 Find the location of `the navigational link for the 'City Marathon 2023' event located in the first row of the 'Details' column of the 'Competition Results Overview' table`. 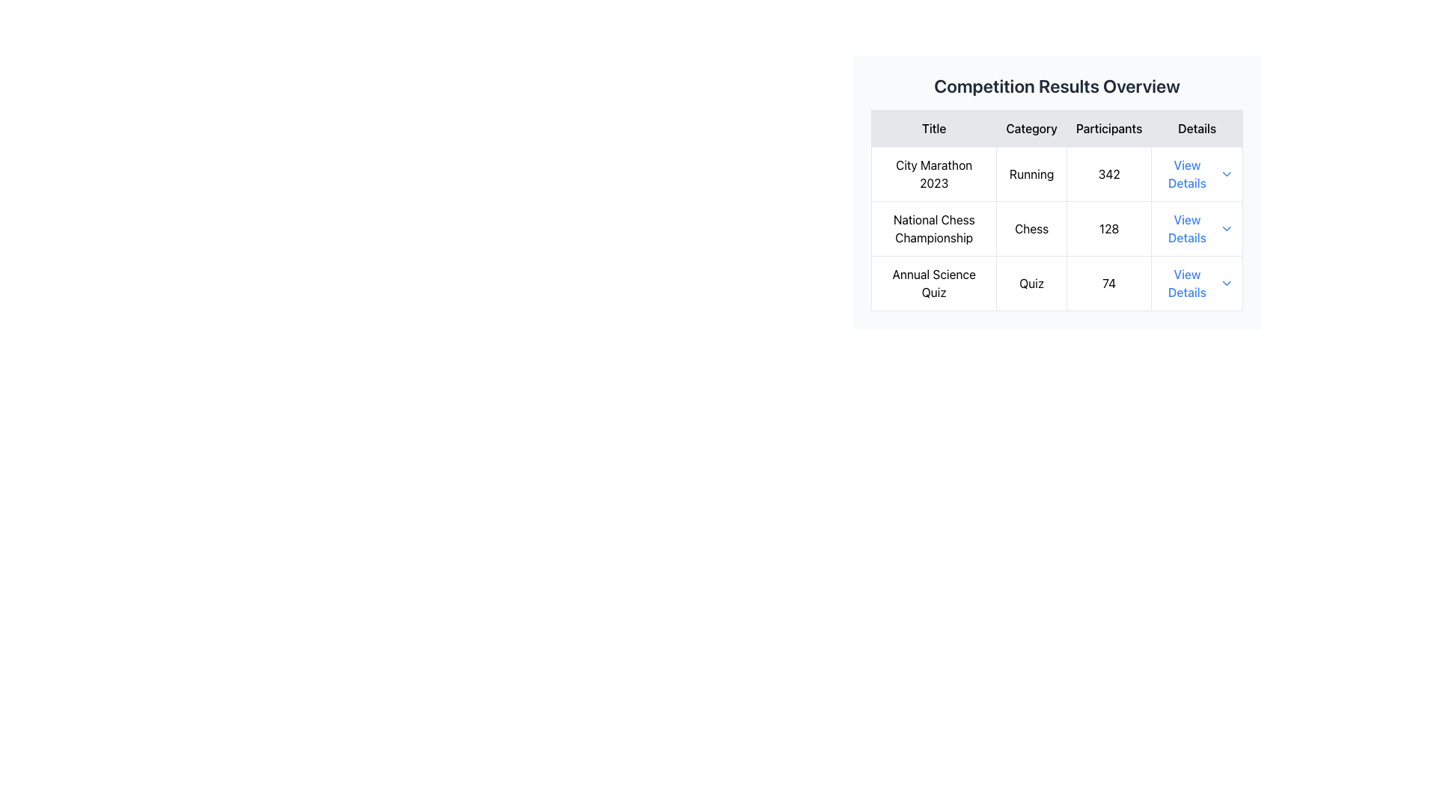

the navigational link for the 'City Marathon 2023' event located in the first row of the 'Details' column of the 'Competition Results Overview' table is located at coordinates (1186, 173).